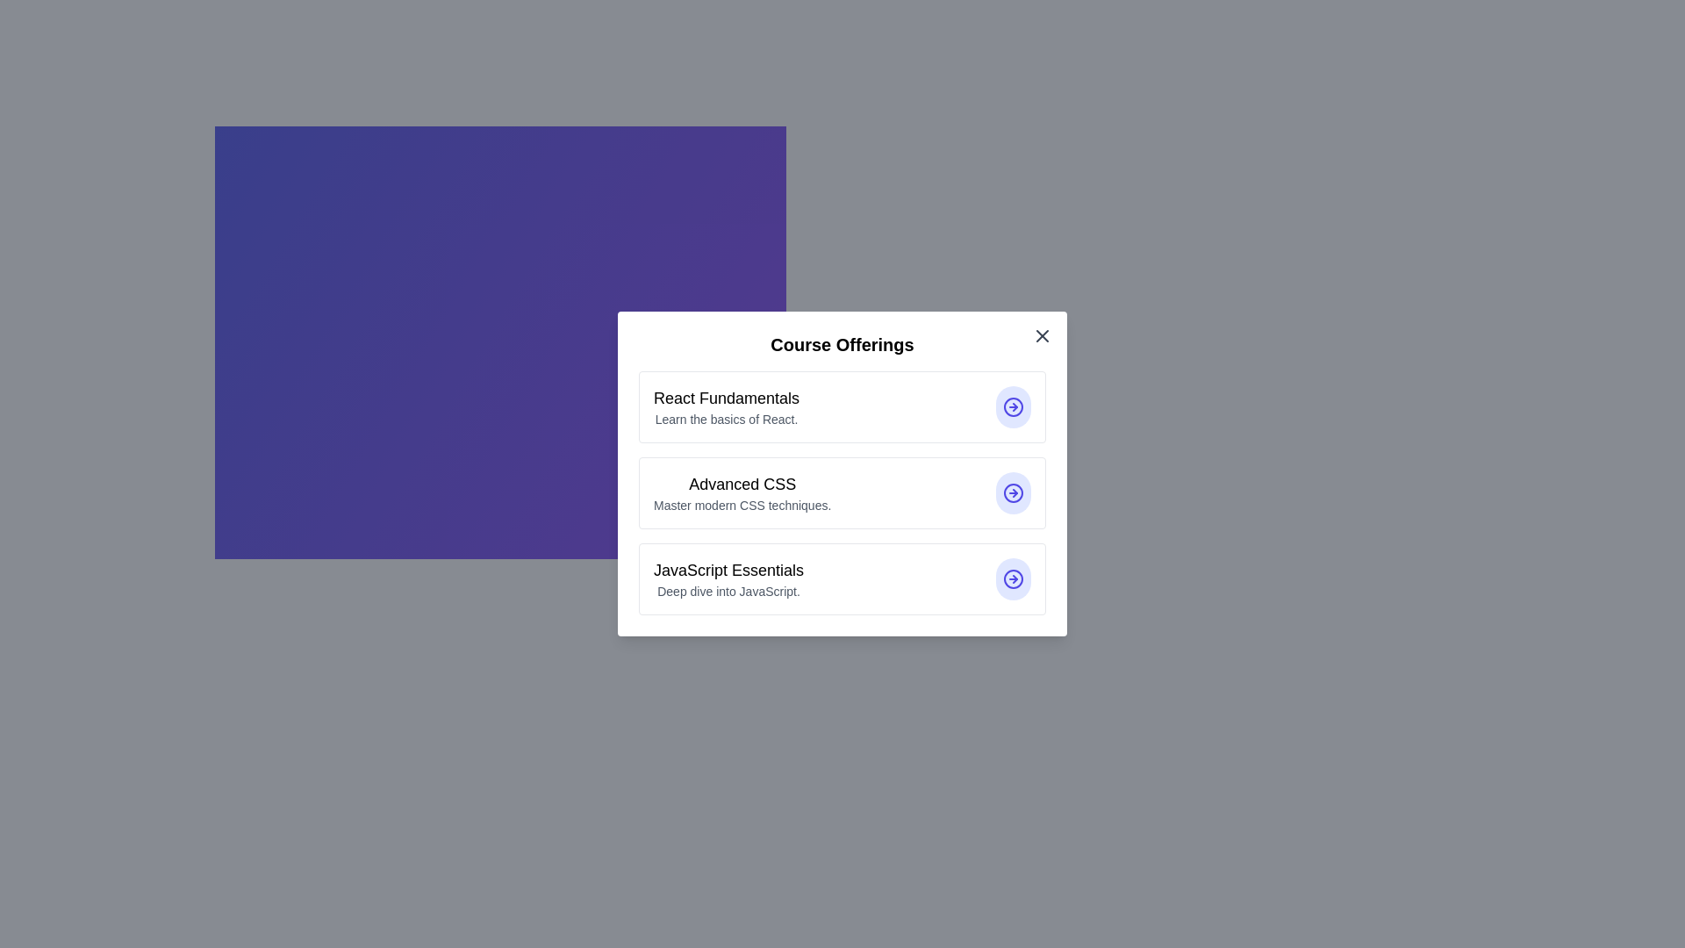 The height and width of the screenshot is (948, 1685). Describe the element at coordinates (727, 420) in the screenshot. I see `the text label that reads 'Learn the basics of React.' located beneath the heading 'React Fundamentals' in the first course offering card` at that location.